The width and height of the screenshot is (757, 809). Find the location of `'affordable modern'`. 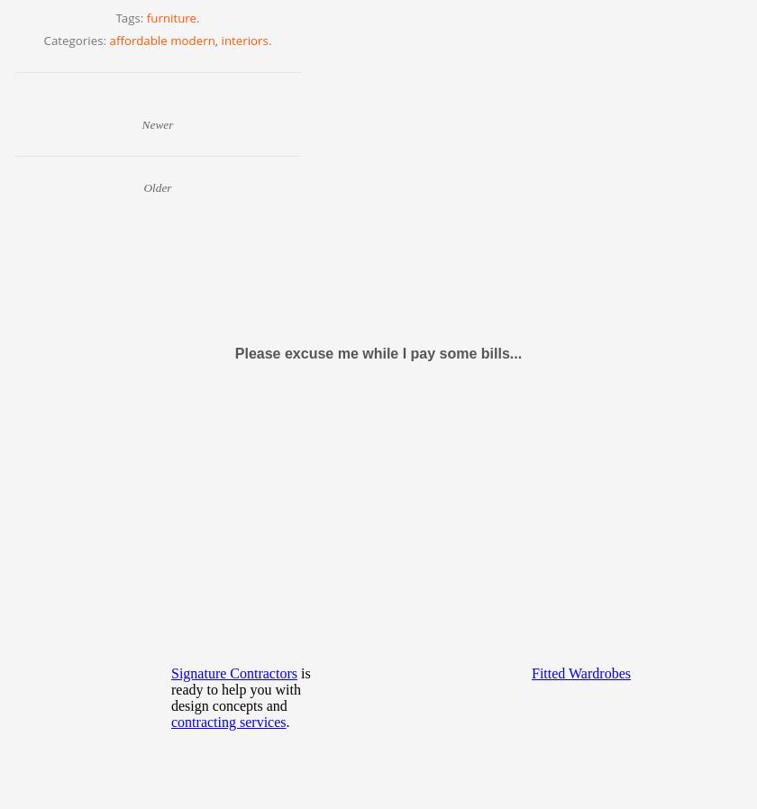

'affordable modern' is located at coordinates (161, 39).